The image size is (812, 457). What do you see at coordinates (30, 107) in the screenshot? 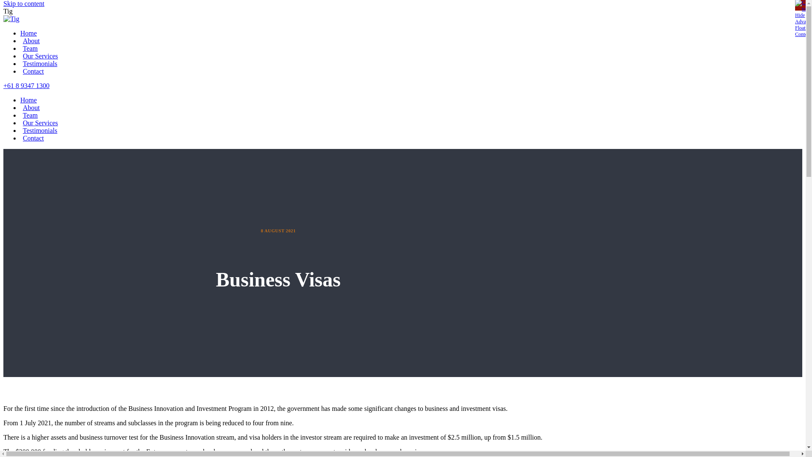
I see `'About'` at bounding box center [30, 107].